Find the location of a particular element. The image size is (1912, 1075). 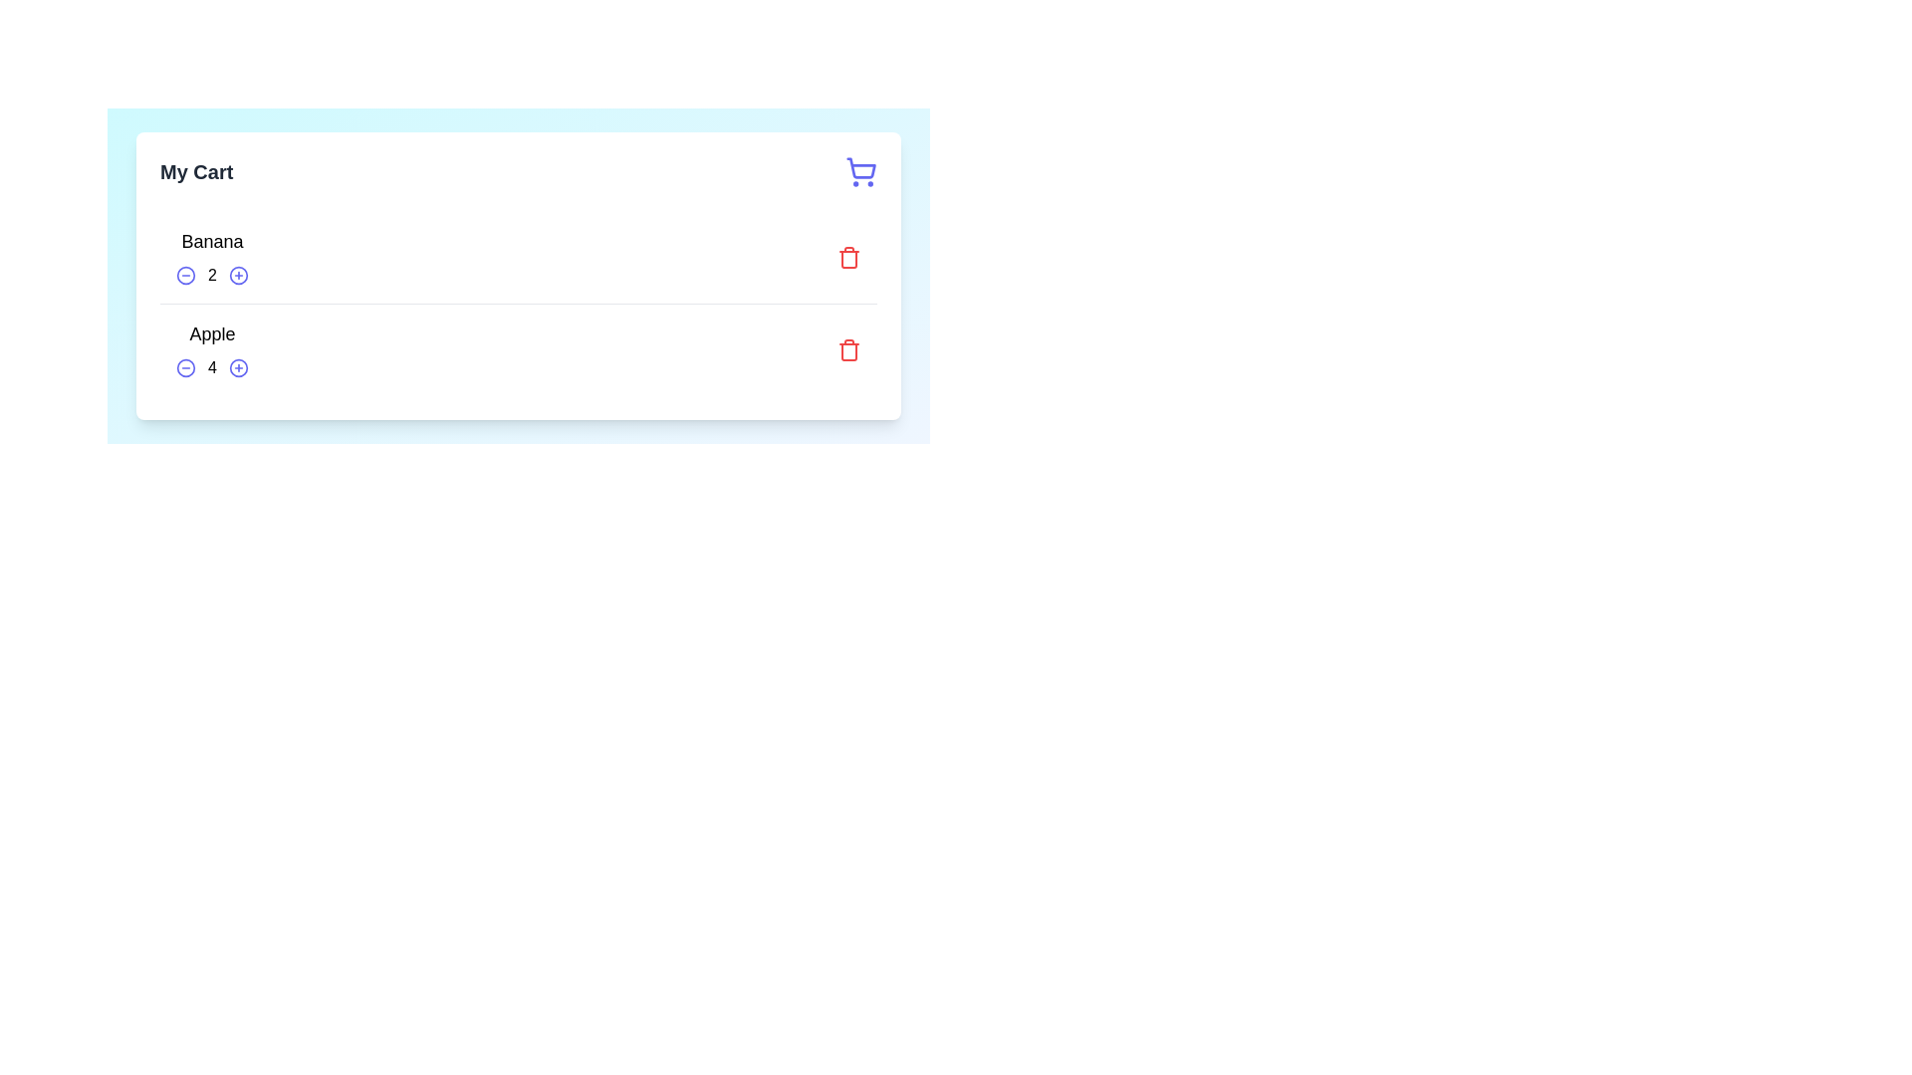

the text label displaying 'Banana', which is formatted in bold and larger font within the shopping cart interface, located above the quantity controls is located at coordinates (212, 241).